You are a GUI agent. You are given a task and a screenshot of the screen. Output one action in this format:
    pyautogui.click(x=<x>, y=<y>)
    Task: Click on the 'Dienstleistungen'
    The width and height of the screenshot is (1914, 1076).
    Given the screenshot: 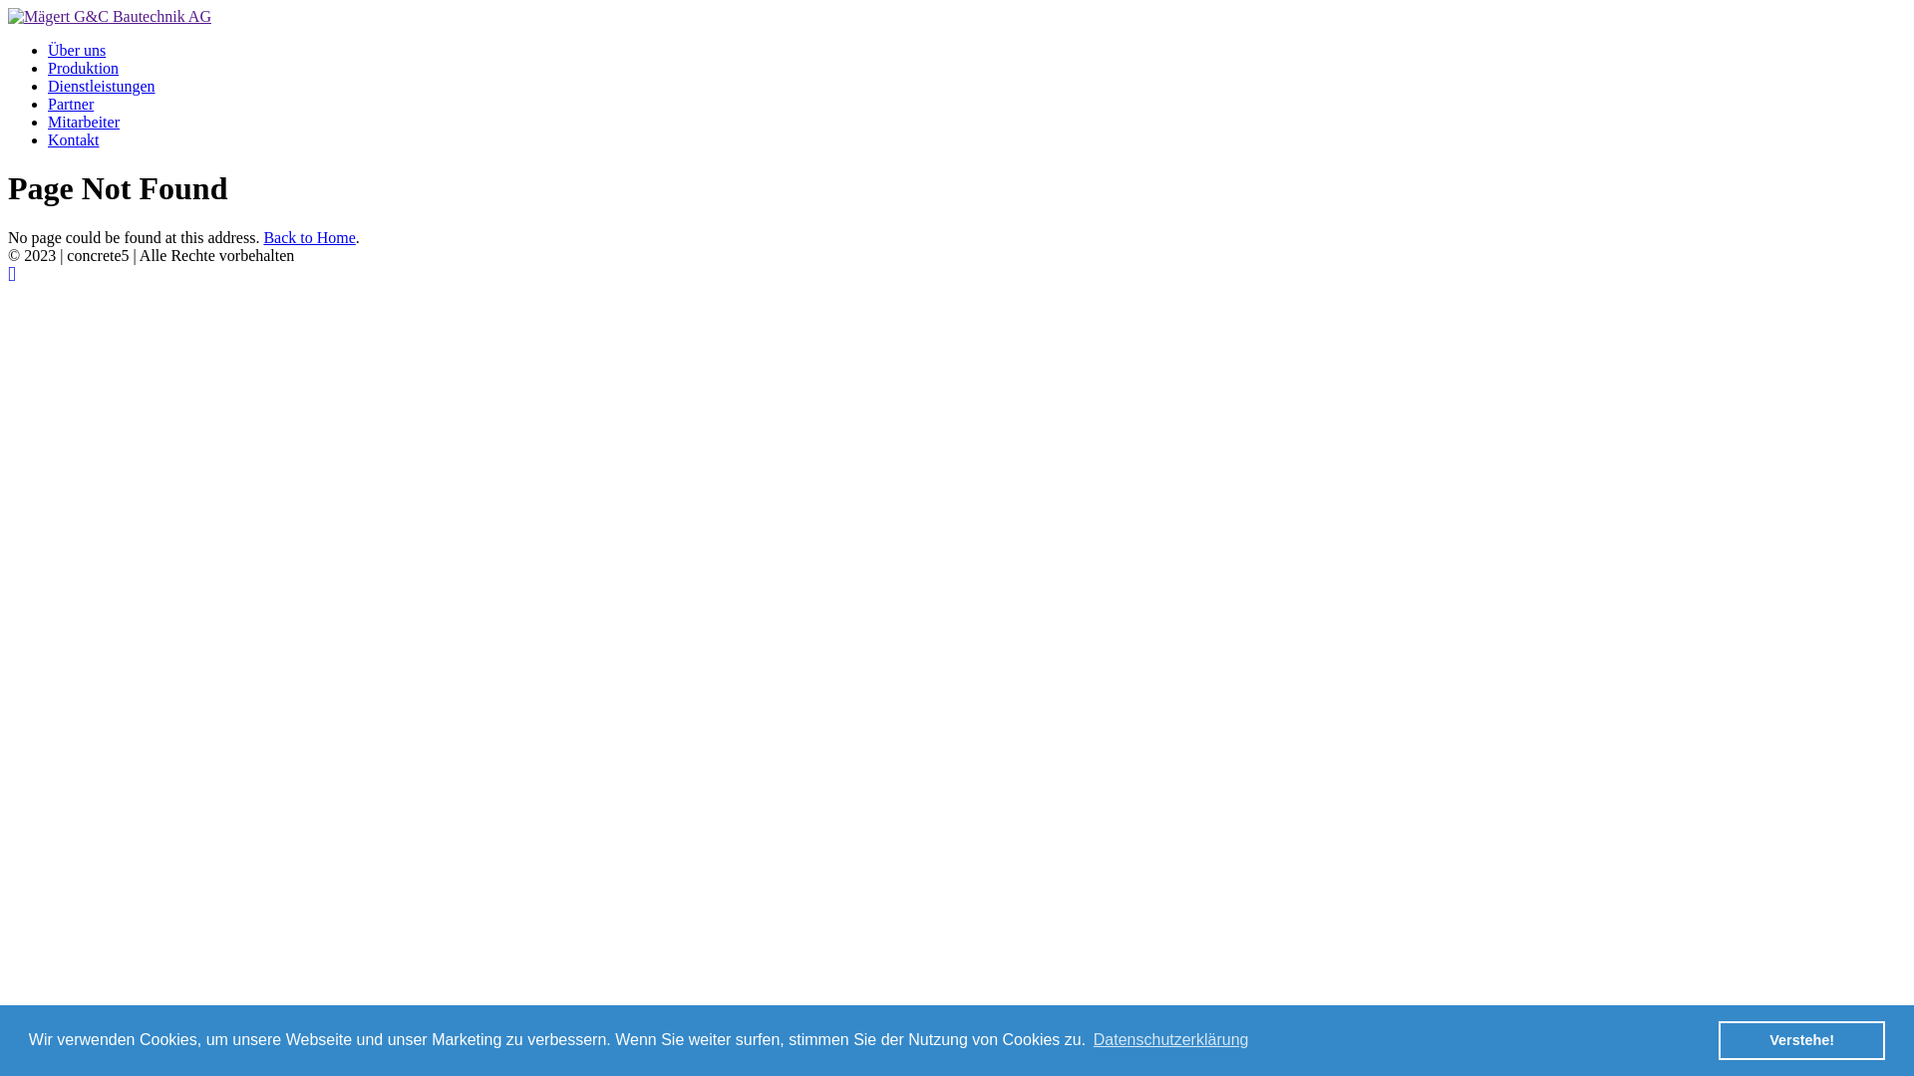 What is the action you would take?
    pyautogui.click(x=100, y=85)
    